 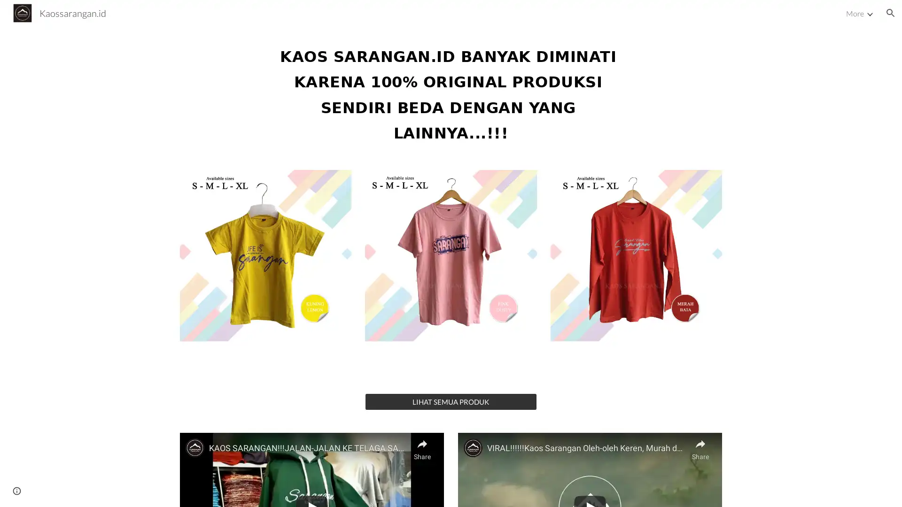 What do you see at coordinates (113, 490) in the screenshot?
I see `Report abuse` at bounding box center [113, 490].